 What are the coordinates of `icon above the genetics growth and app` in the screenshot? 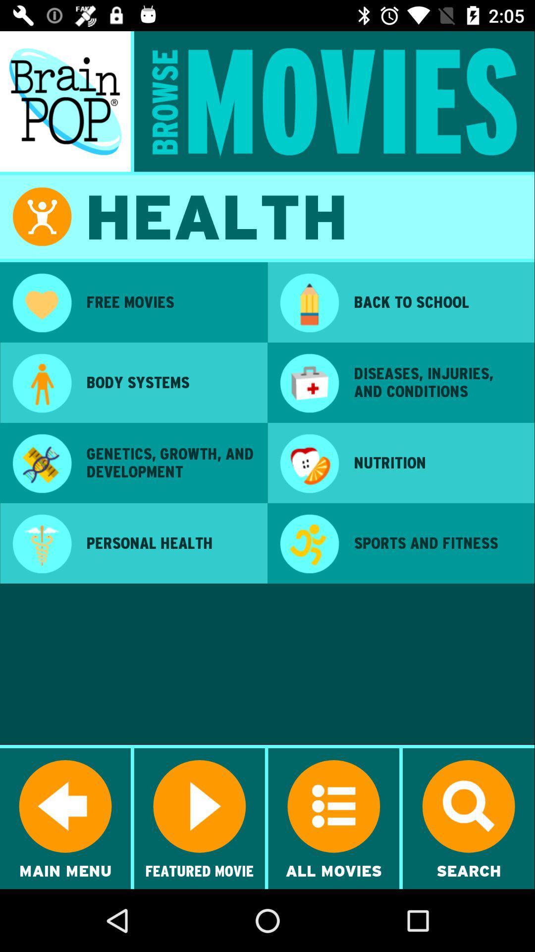 It's located at (169, 382).